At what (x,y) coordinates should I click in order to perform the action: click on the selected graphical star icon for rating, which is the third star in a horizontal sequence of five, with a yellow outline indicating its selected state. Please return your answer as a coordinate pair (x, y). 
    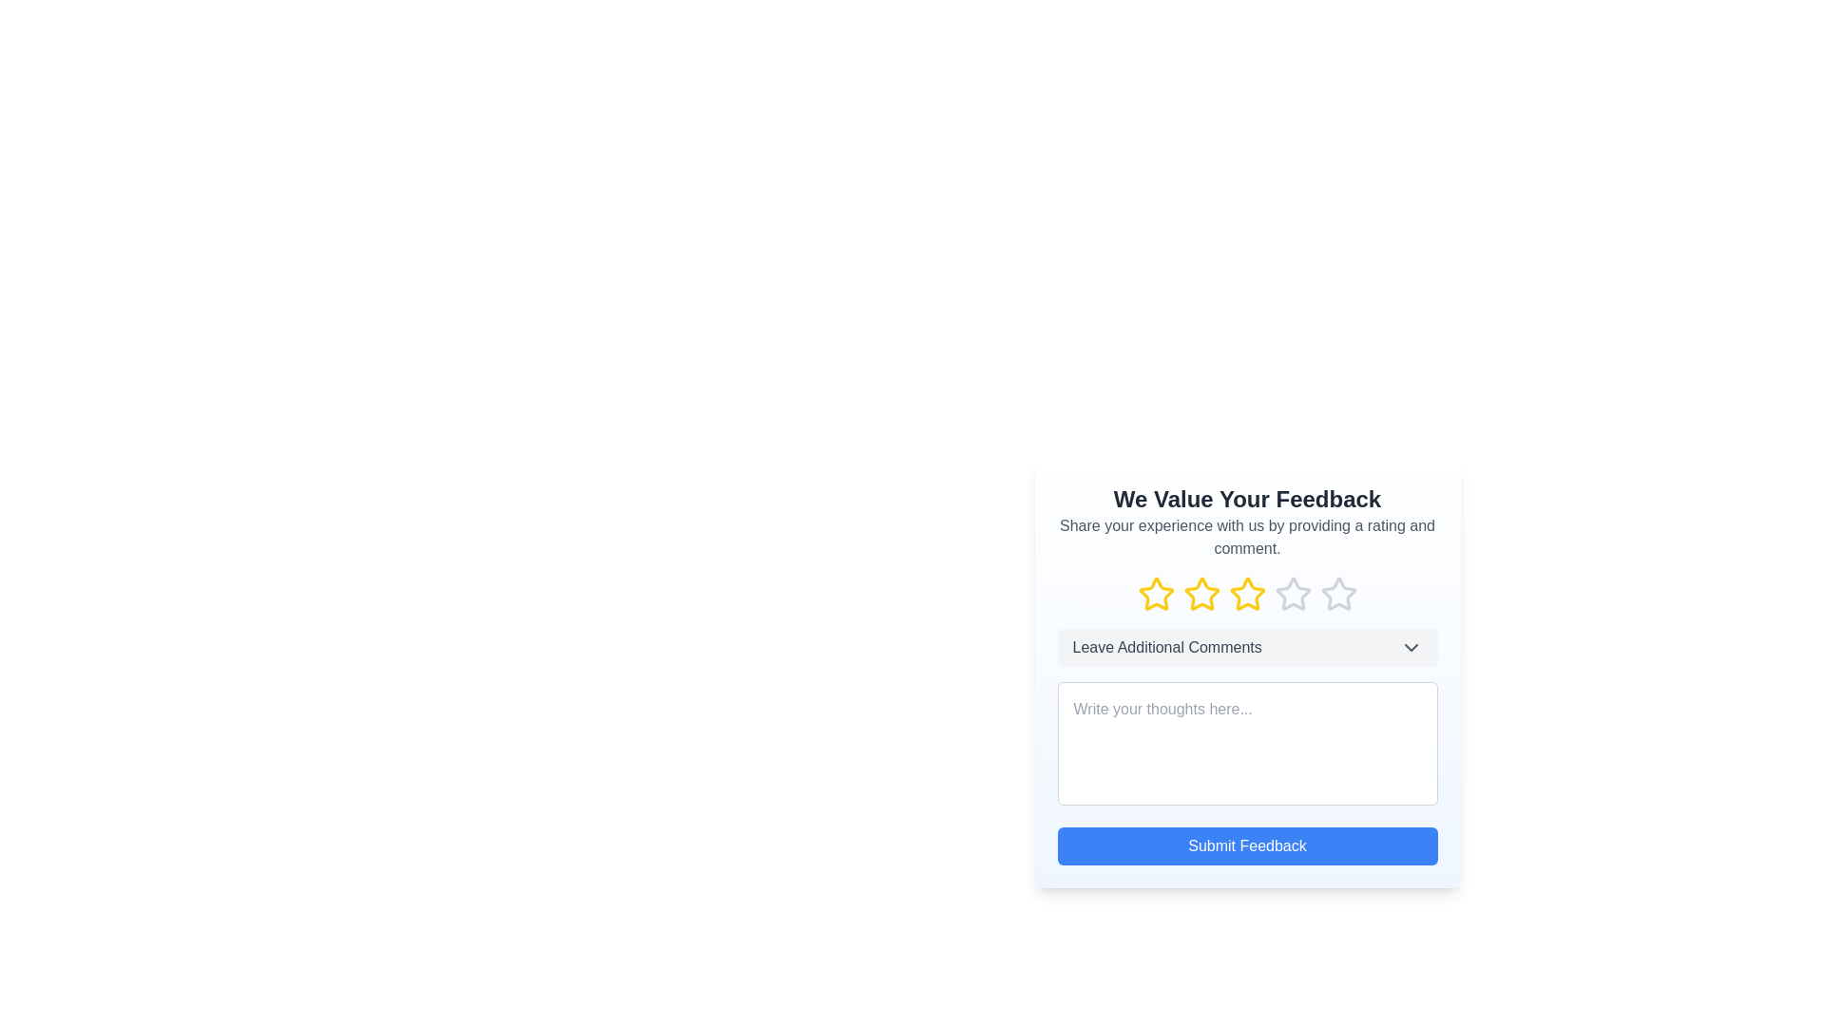
    Looking at the image, I should click on (1201, 593).